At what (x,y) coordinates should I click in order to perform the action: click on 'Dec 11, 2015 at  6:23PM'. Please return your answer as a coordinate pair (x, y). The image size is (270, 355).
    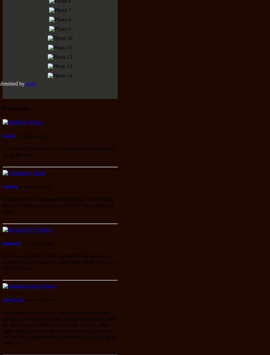
    Looking at the image, I should click on (16, 135).